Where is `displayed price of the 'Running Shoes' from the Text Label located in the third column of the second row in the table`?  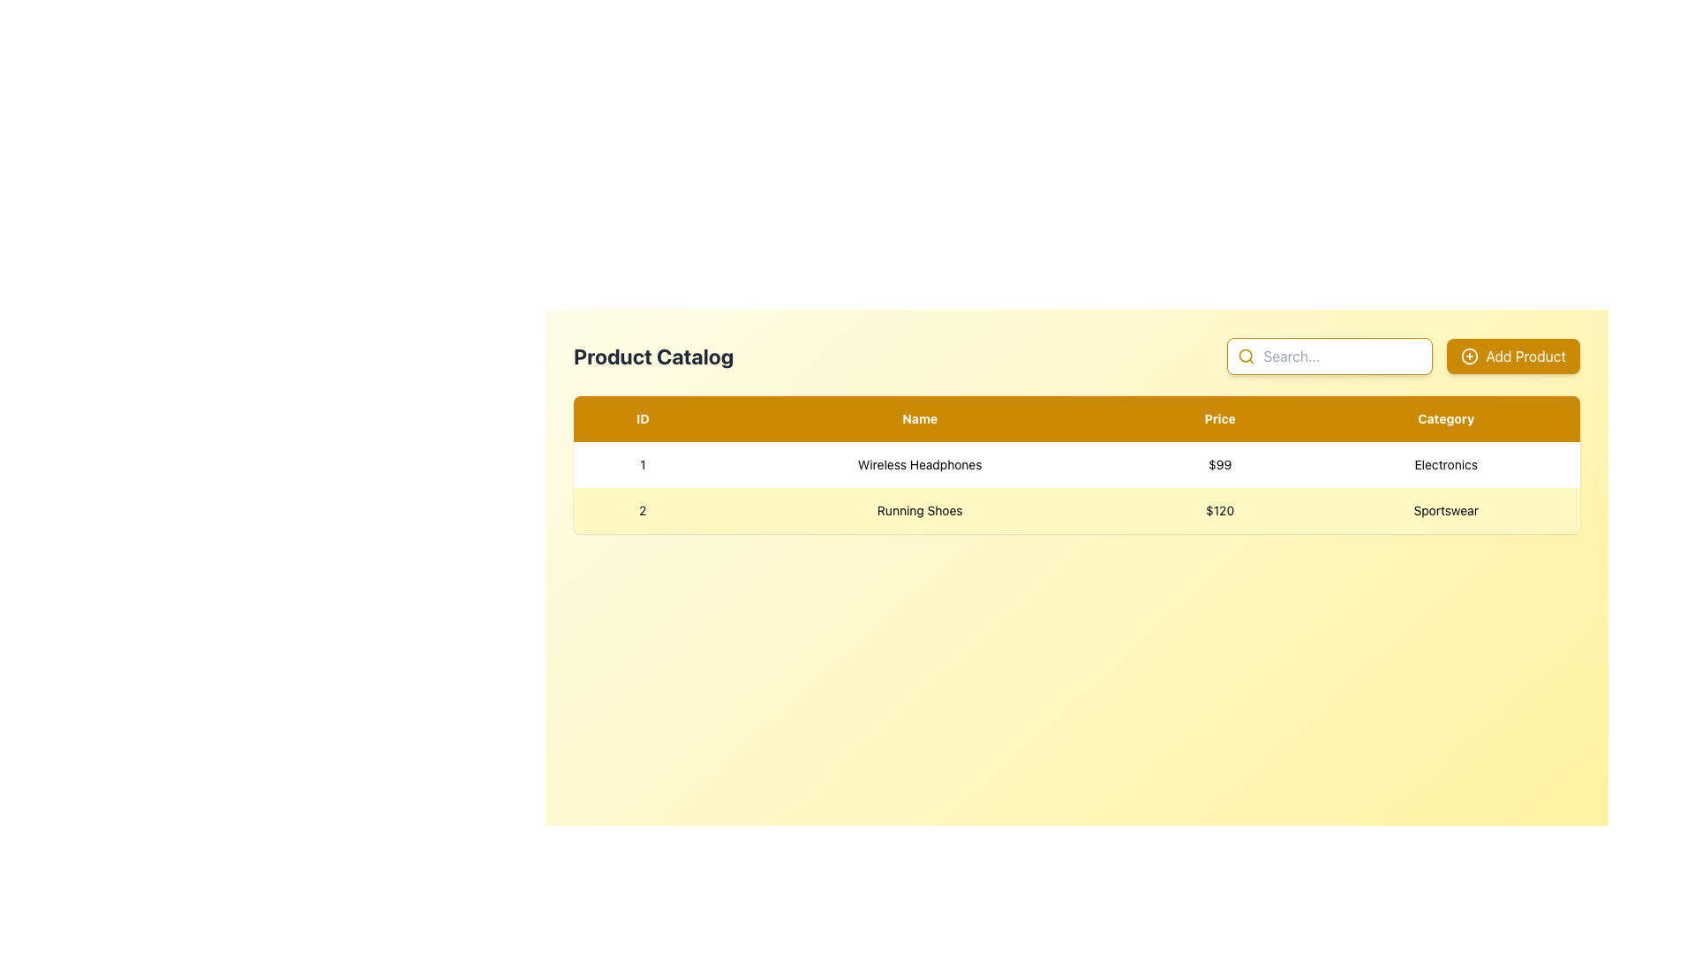 displayed price of the 'Running Shoes' from the Text Label located in the third column of the second row in the table is located at coordinates (1219, 510).